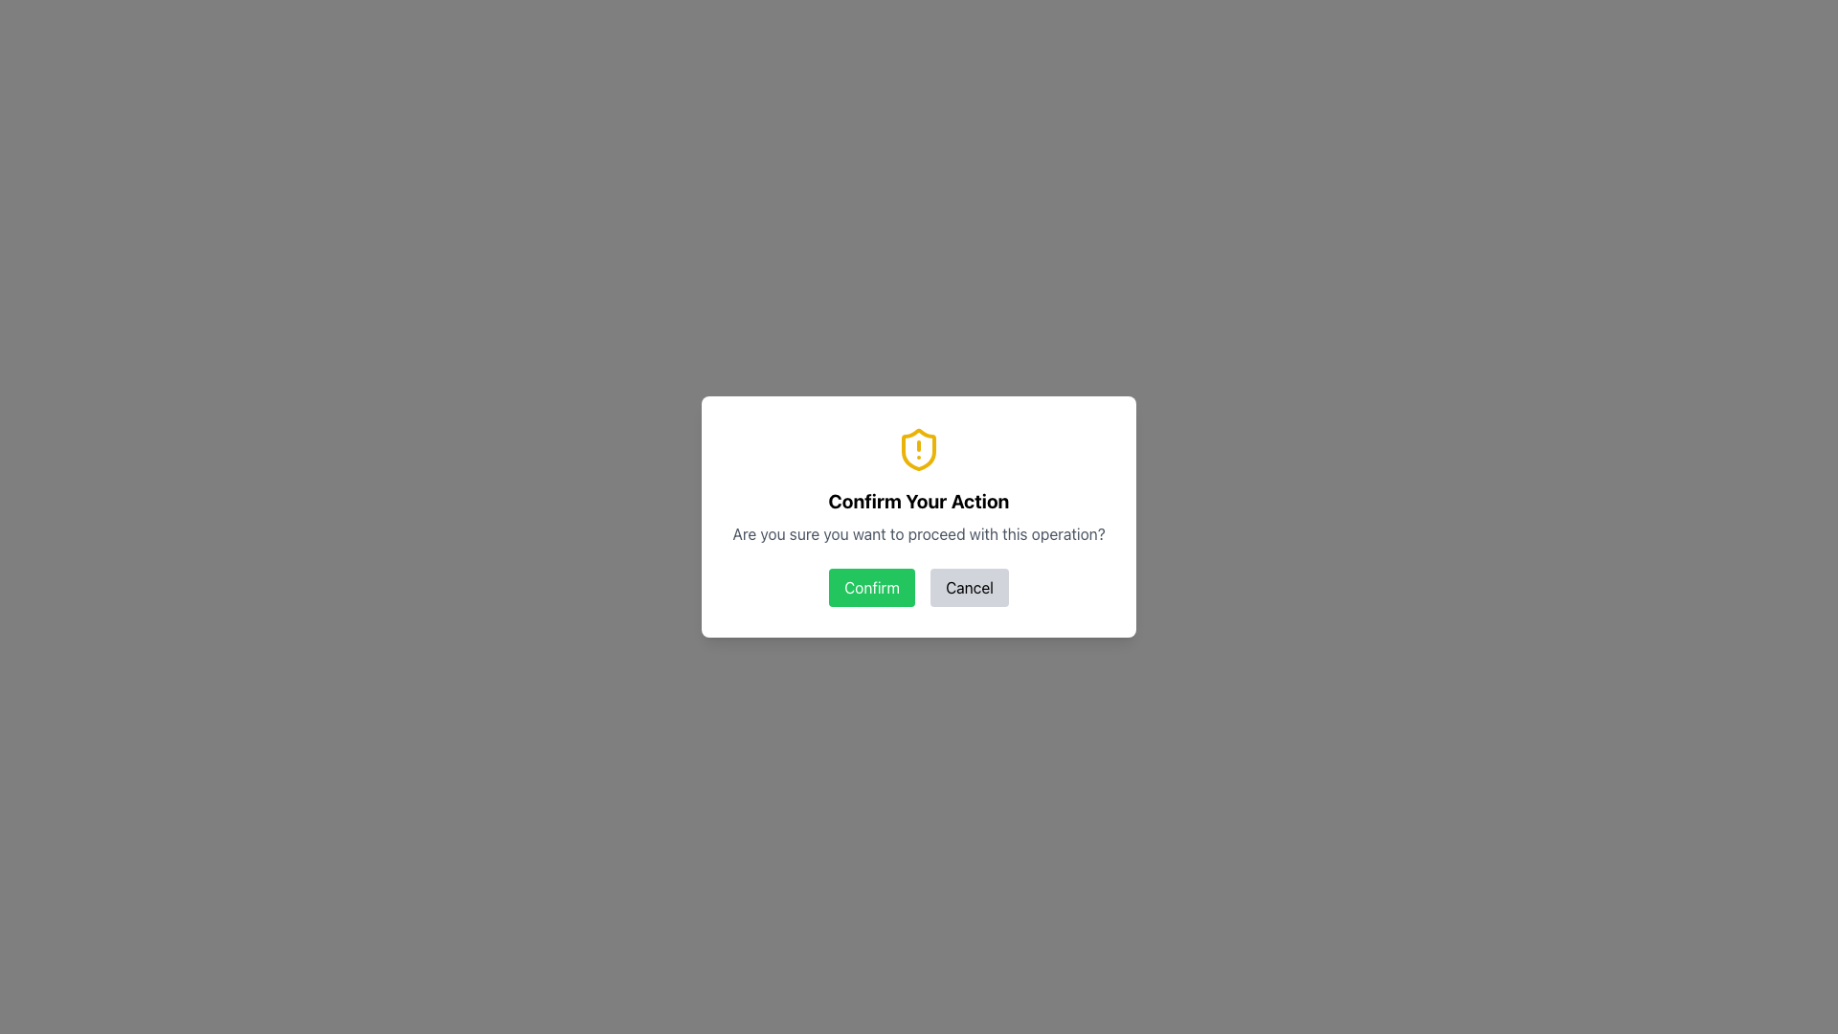  What do you see at coordinates (919, 450) in the screenshot?
I see `the yellow shield icon with an exclamation mark, located above the title text 'Confirm Your Action' in the dialog box` at bounding box center [919, 450].